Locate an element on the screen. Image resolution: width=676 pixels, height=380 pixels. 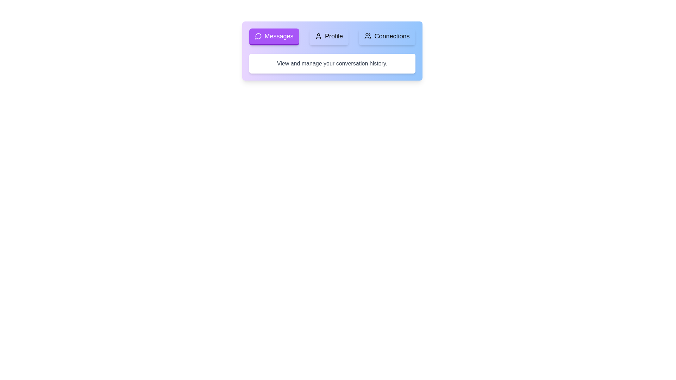
the 'Profile' icon located in the top navigation bar, which visually represents the profile-related functionality and is positioned to the left of the 'Profile' text label is located at coordinates (318, 36).